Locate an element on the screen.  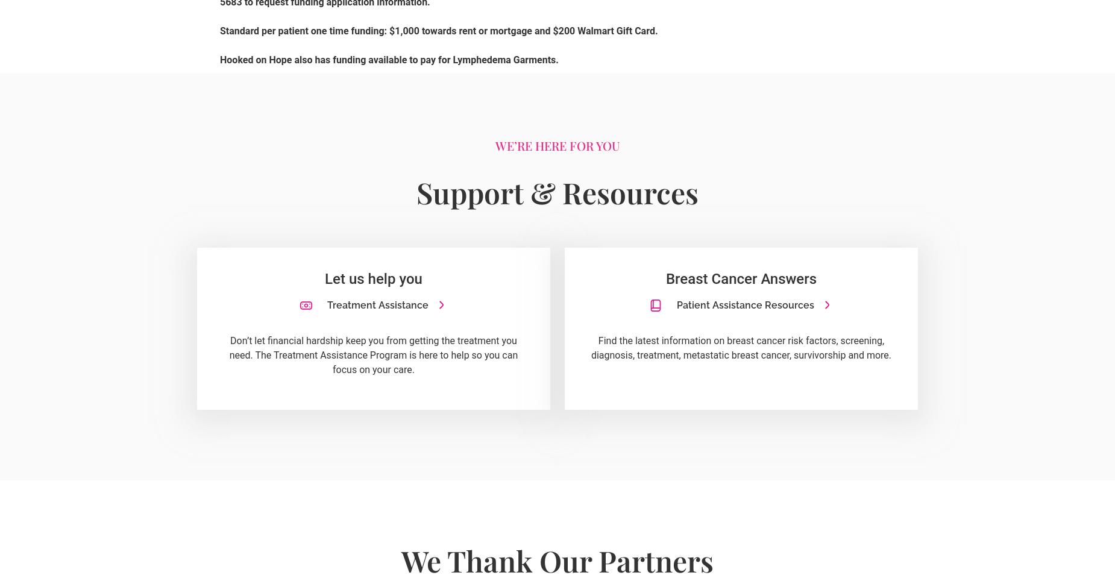
'Support & Resources' is located at coordinates (557, 191).